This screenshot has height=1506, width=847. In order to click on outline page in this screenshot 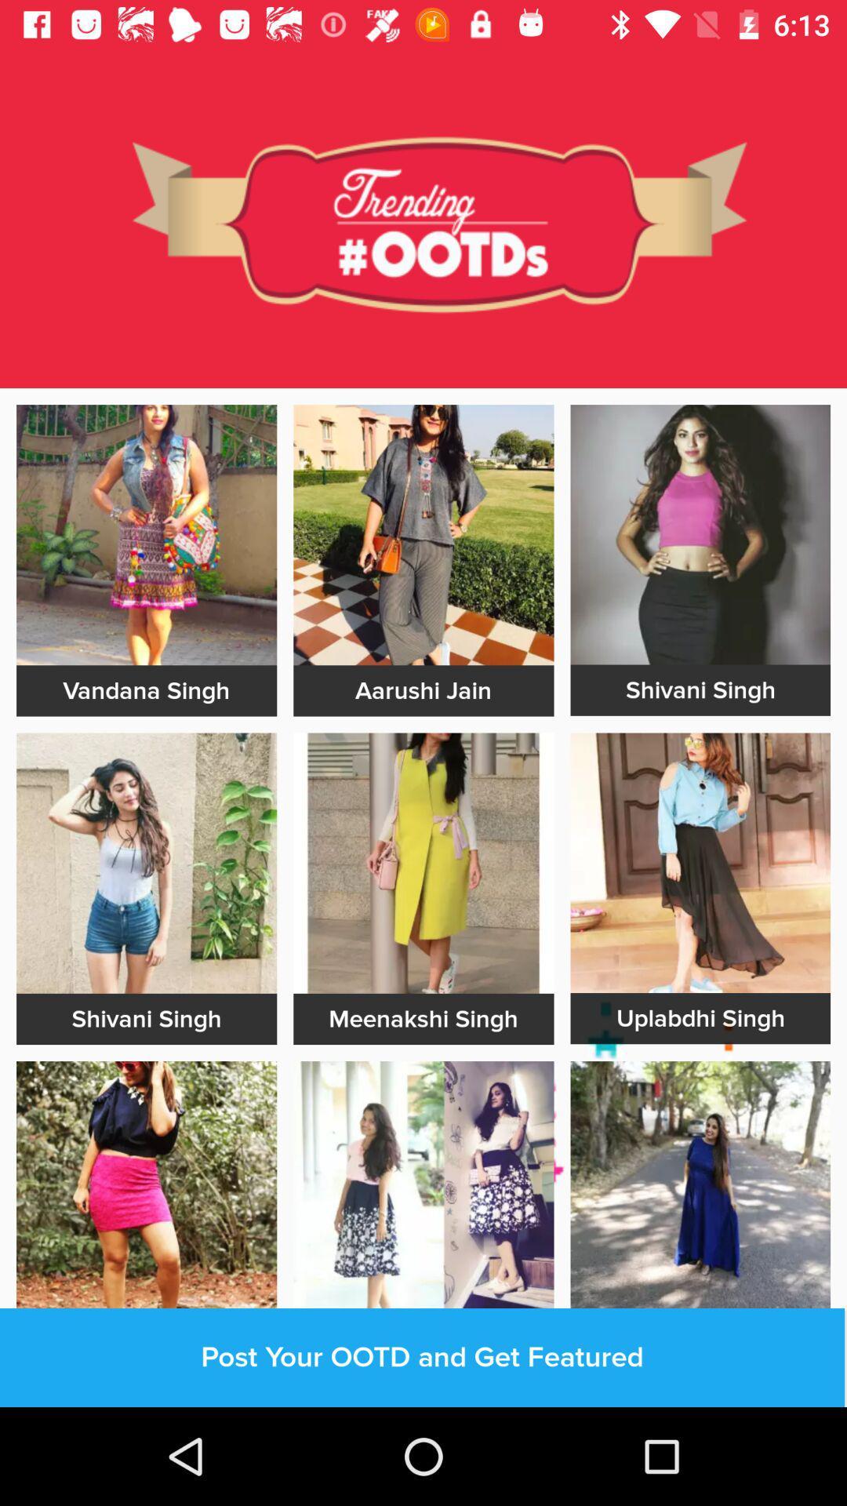, I will do `click(147, 1398)`.